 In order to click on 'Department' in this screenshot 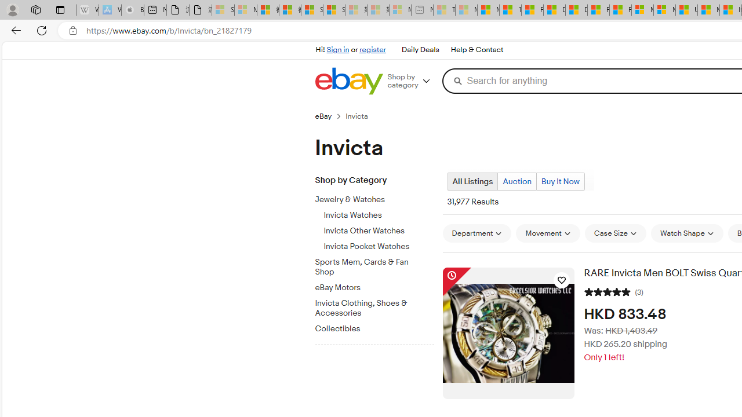, I will do `click(477, 233)`.